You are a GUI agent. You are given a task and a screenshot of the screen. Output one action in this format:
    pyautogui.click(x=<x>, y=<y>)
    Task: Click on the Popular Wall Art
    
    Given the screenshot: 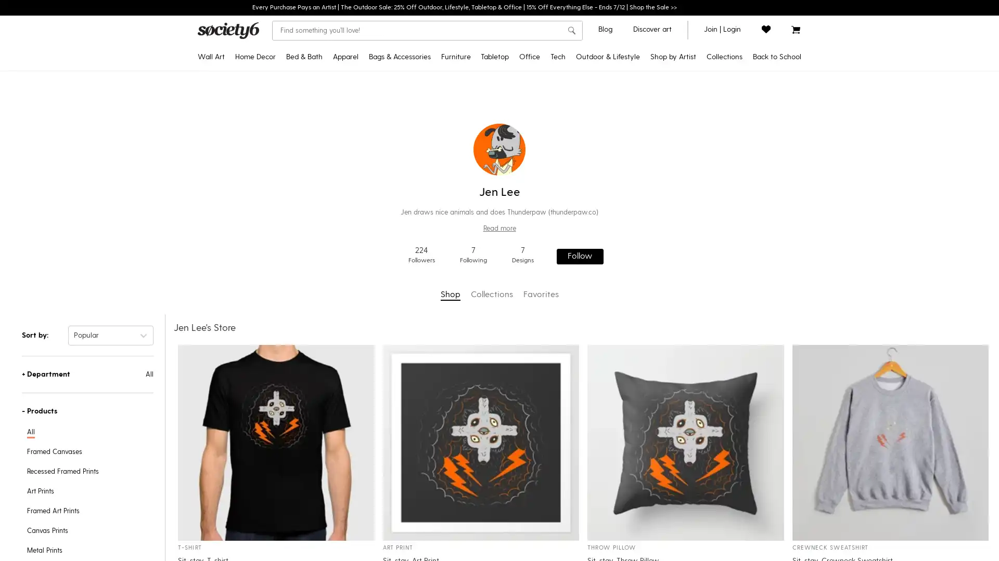 What is the action you would take?
    pyautogui.click(x=686, y=133)
    